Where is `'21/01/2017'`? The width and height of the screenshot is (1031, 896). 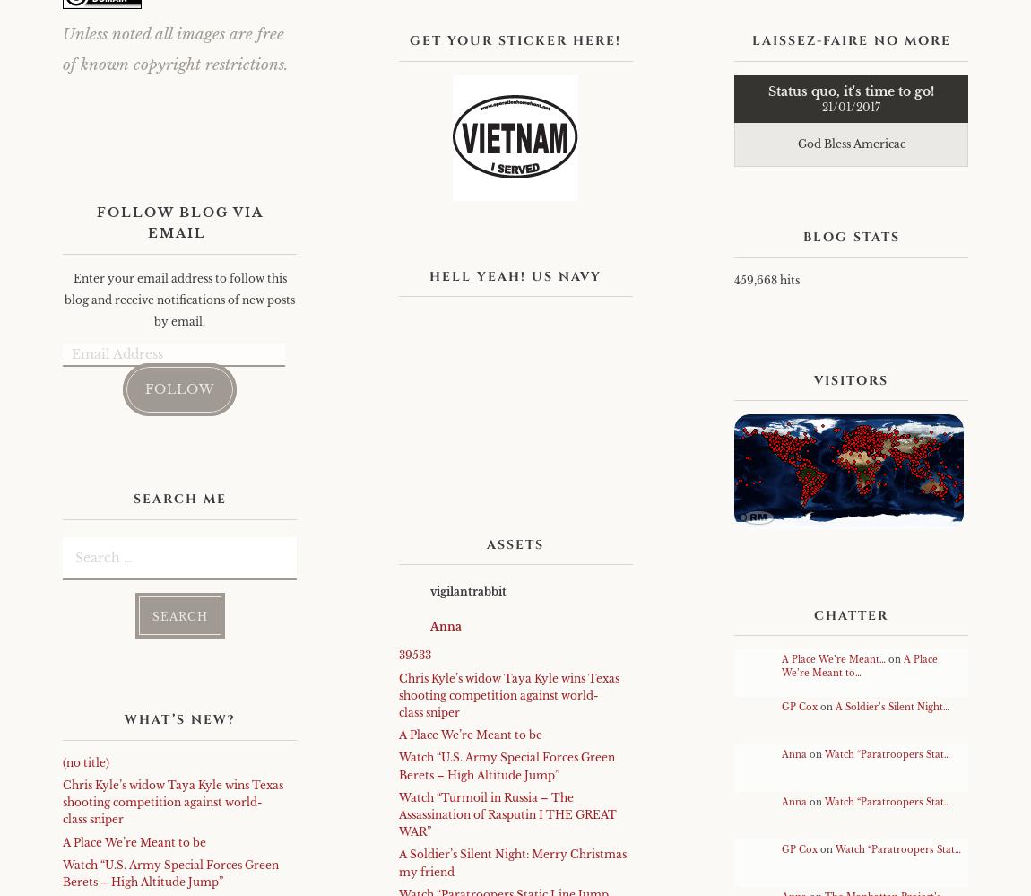
'21/01/2017' is located at coordinates (851, 107).